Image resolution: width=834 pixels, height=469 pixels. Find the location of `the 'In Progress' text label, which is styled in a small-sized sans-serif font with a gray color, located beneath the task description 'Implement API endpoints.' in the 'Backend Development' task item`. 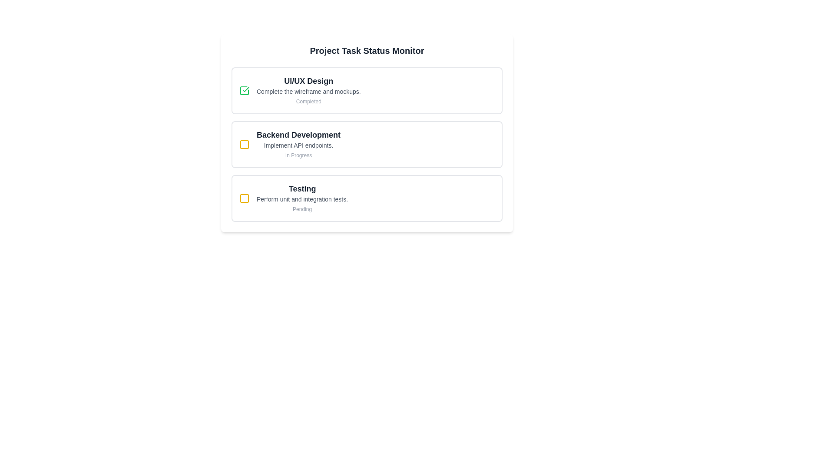

the 'In Progress' text label, which is styled in a small-sized sans-serif font with a gray color, located beneath the task description 'Implement API endpoints.' in the 'Backend Development' task item is located at coordinates (298, 155).